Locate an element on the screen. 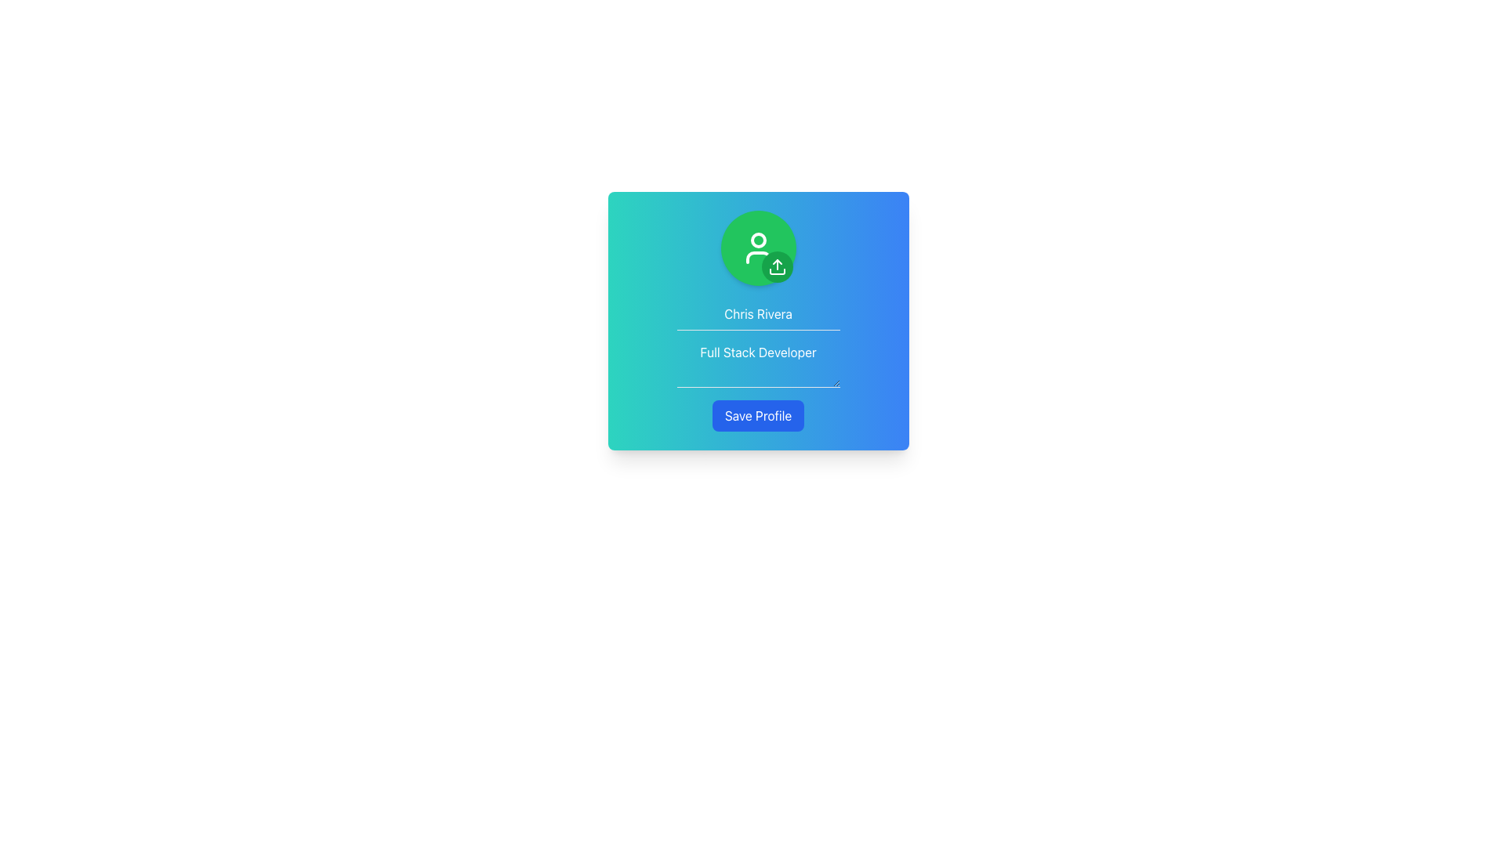 The height and width of the screenshot is (846, 1505). the text input field displaying 'Chris Rivera' to focus on it is located at coordinates (758, 314).